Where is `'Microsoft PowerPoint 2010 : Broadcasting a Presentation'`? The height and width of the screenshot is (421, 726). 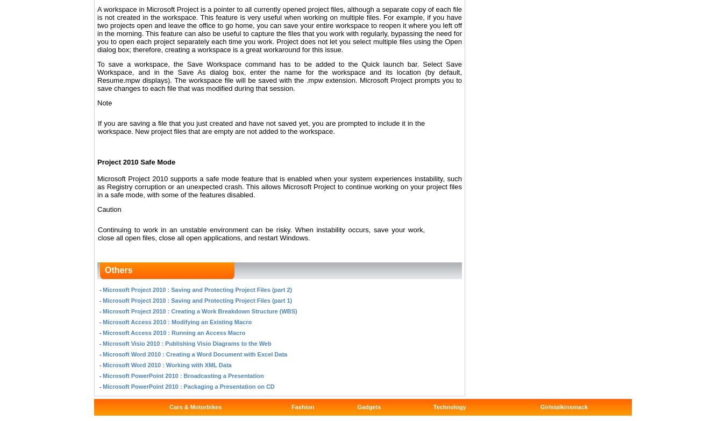
'Microsoft PowerPoint 2010 : Broadcasting a Presentation' is located at coordinates (103, 374).